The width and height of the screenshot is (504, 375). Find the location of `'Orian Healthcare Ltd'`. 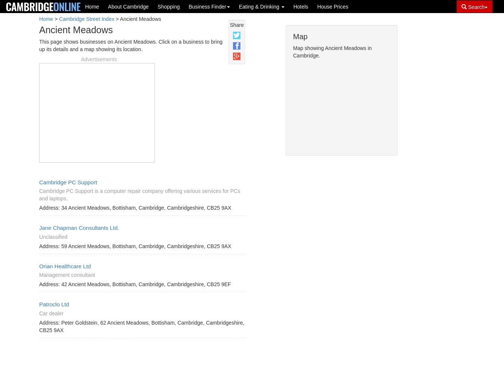

'Orian Healthcare Ltd' is located at coordinates (39, 266).